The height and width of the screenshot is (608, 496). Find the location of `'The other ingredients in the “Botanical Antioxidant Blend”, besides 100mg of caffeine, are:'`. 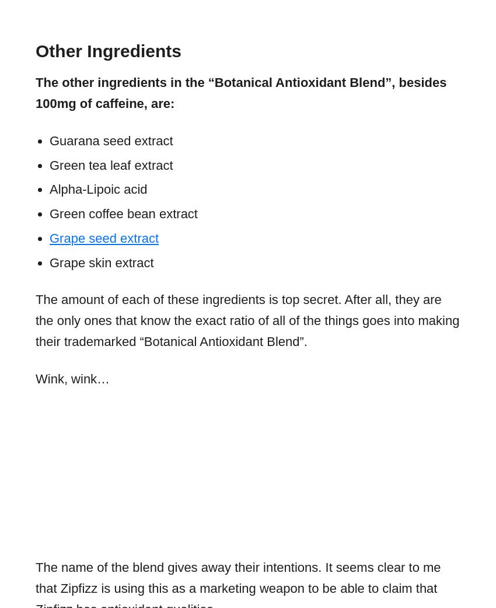

'The other ingredients in the “Botanical Antioxidant Blend”, besides 100mg of caffeine, are:' is located at coordinates (36, 93).